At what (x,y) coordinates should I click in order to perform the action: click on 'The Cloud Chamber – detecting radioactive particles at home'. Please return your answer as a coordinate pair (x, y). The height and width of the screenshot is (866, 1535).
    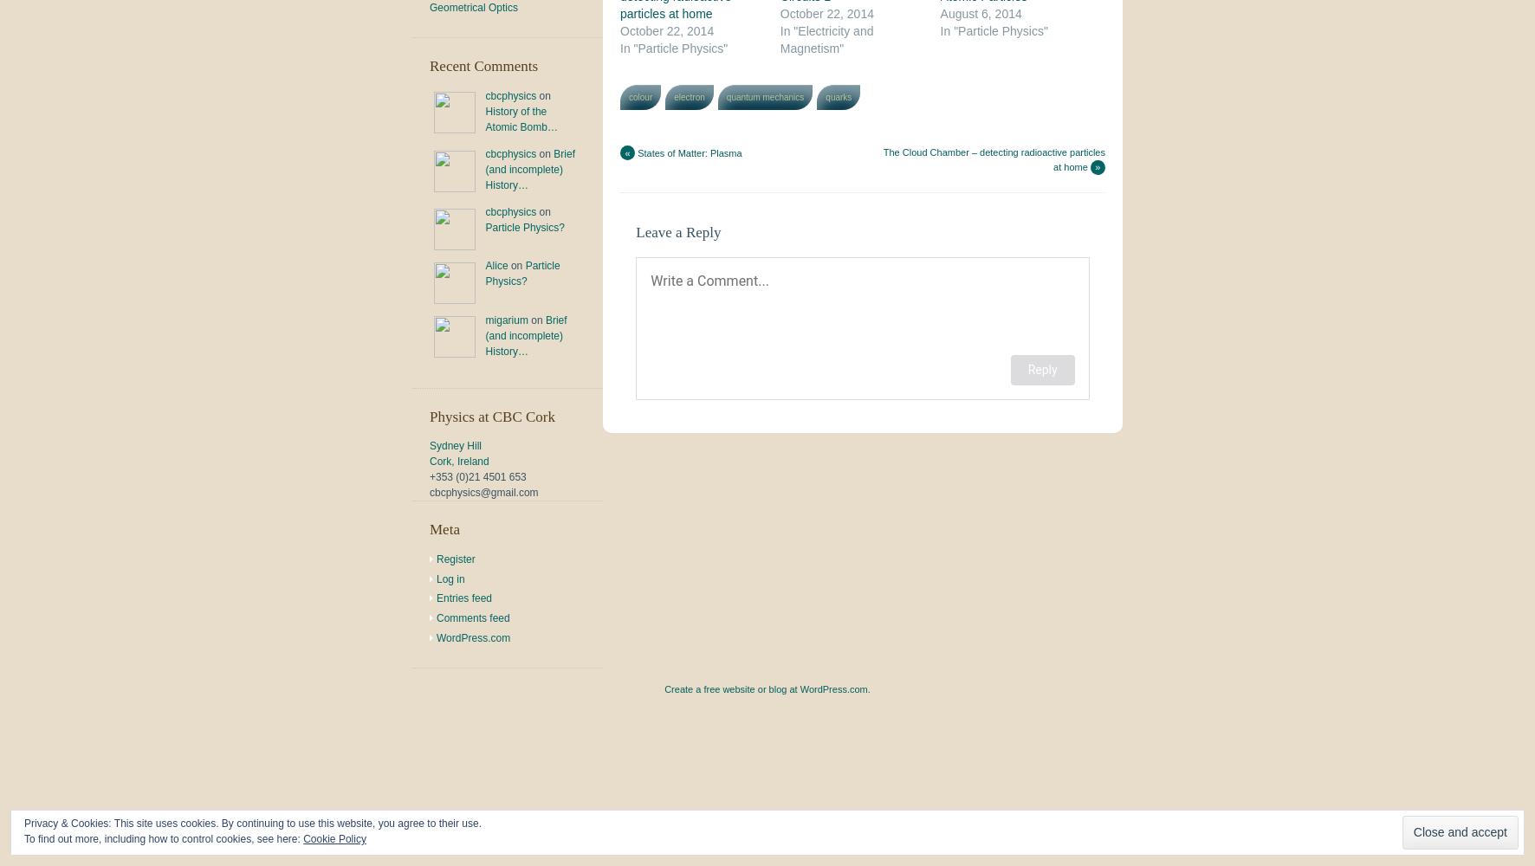
    Looking at the image, I should click on (993, 159).